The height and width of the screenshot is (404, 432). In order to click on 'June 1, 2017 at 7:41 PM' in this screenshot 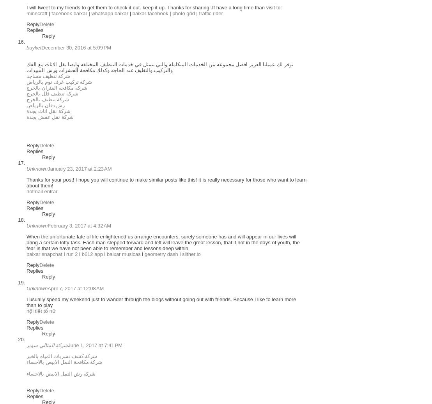, I will do `click(94, 345)`.